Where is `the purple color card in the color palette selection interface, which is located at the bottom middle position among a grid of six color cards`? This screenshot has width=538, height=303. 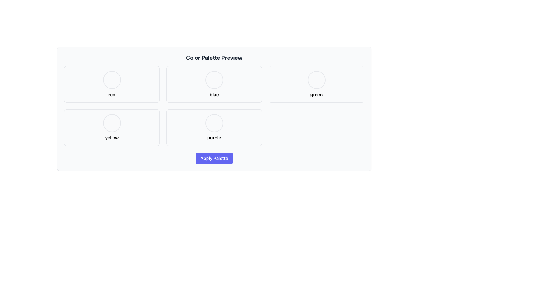 the purple color card in the color palette selection interface, which is located at the bottom middle position among a grid of six color cards is located at coordinates (214, 128).